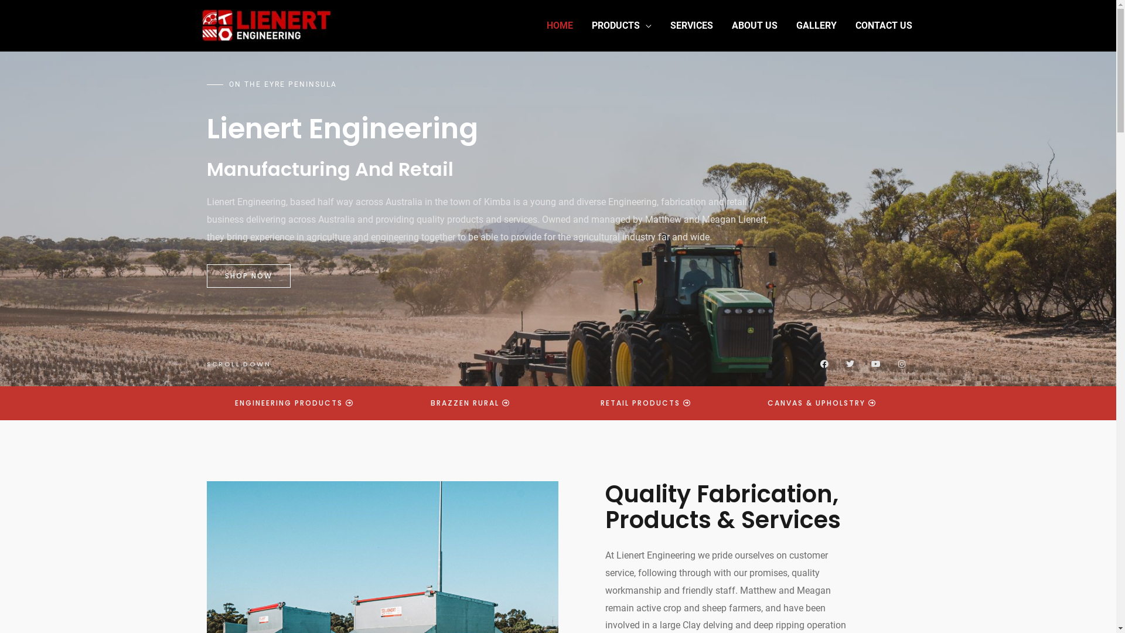  Describe the element at coordinates (821, 402) in the screenshot. I see `'CANVAS & UPHOLSTRY'` at that location.